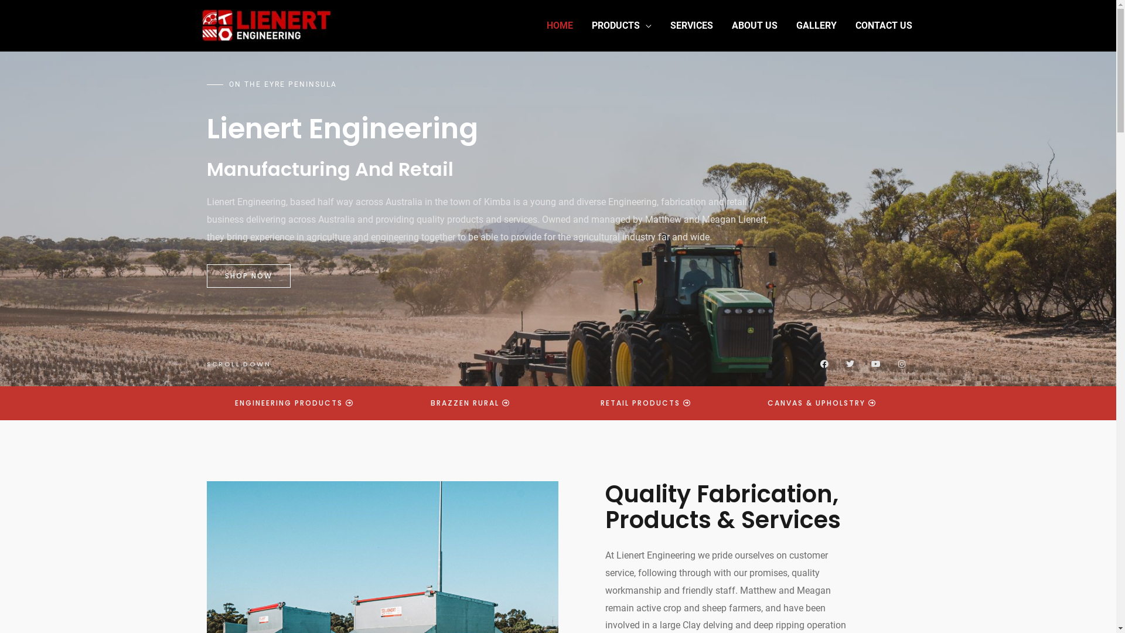  Describe the element at coordinates (821, 402) in the screenshot. I see `'CANVAS & UPHOLSTRY'` at that location.